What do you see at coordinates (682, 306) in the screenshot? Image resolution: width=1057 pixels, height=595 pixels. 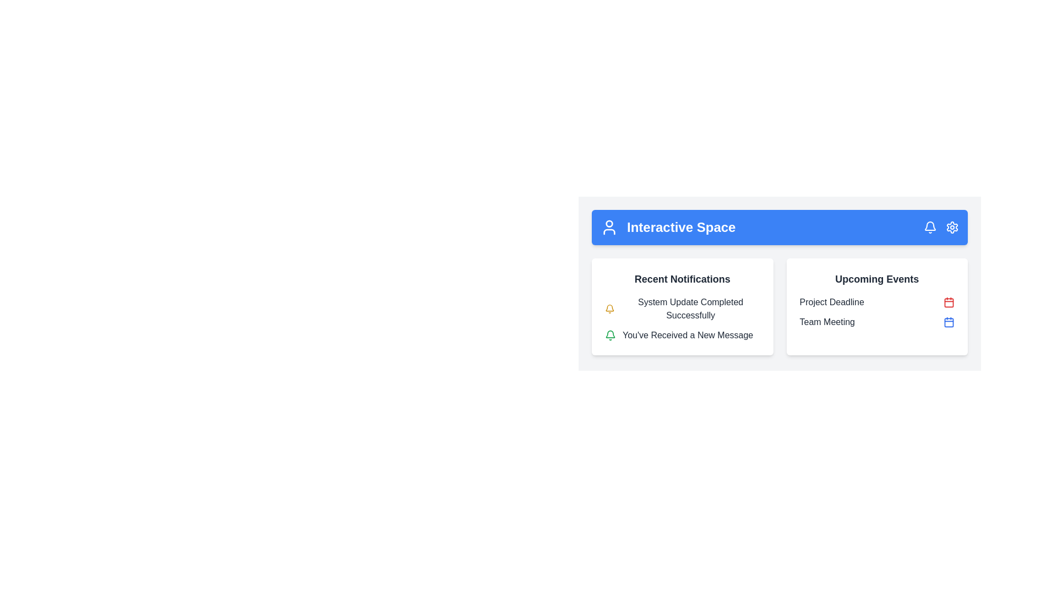 I see `notifications displayed on the notification card located in the first column of the grid layout, positioned next to the 'Upcoming Events' card` at bounding box center [682, 306].